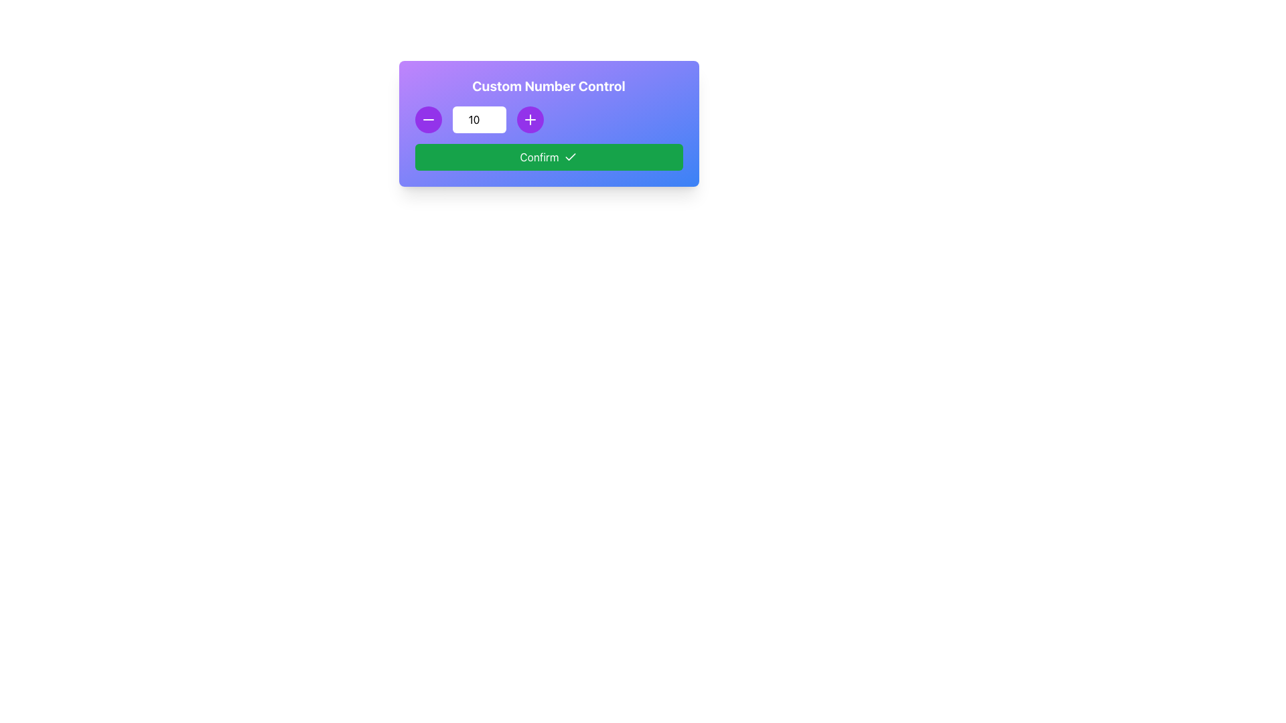  What do you see at coordinates (529, 118) in the screenshot?
I see `the circular button with a purple background and a white plus icon to increase the value` at bounding box center [529, 118].